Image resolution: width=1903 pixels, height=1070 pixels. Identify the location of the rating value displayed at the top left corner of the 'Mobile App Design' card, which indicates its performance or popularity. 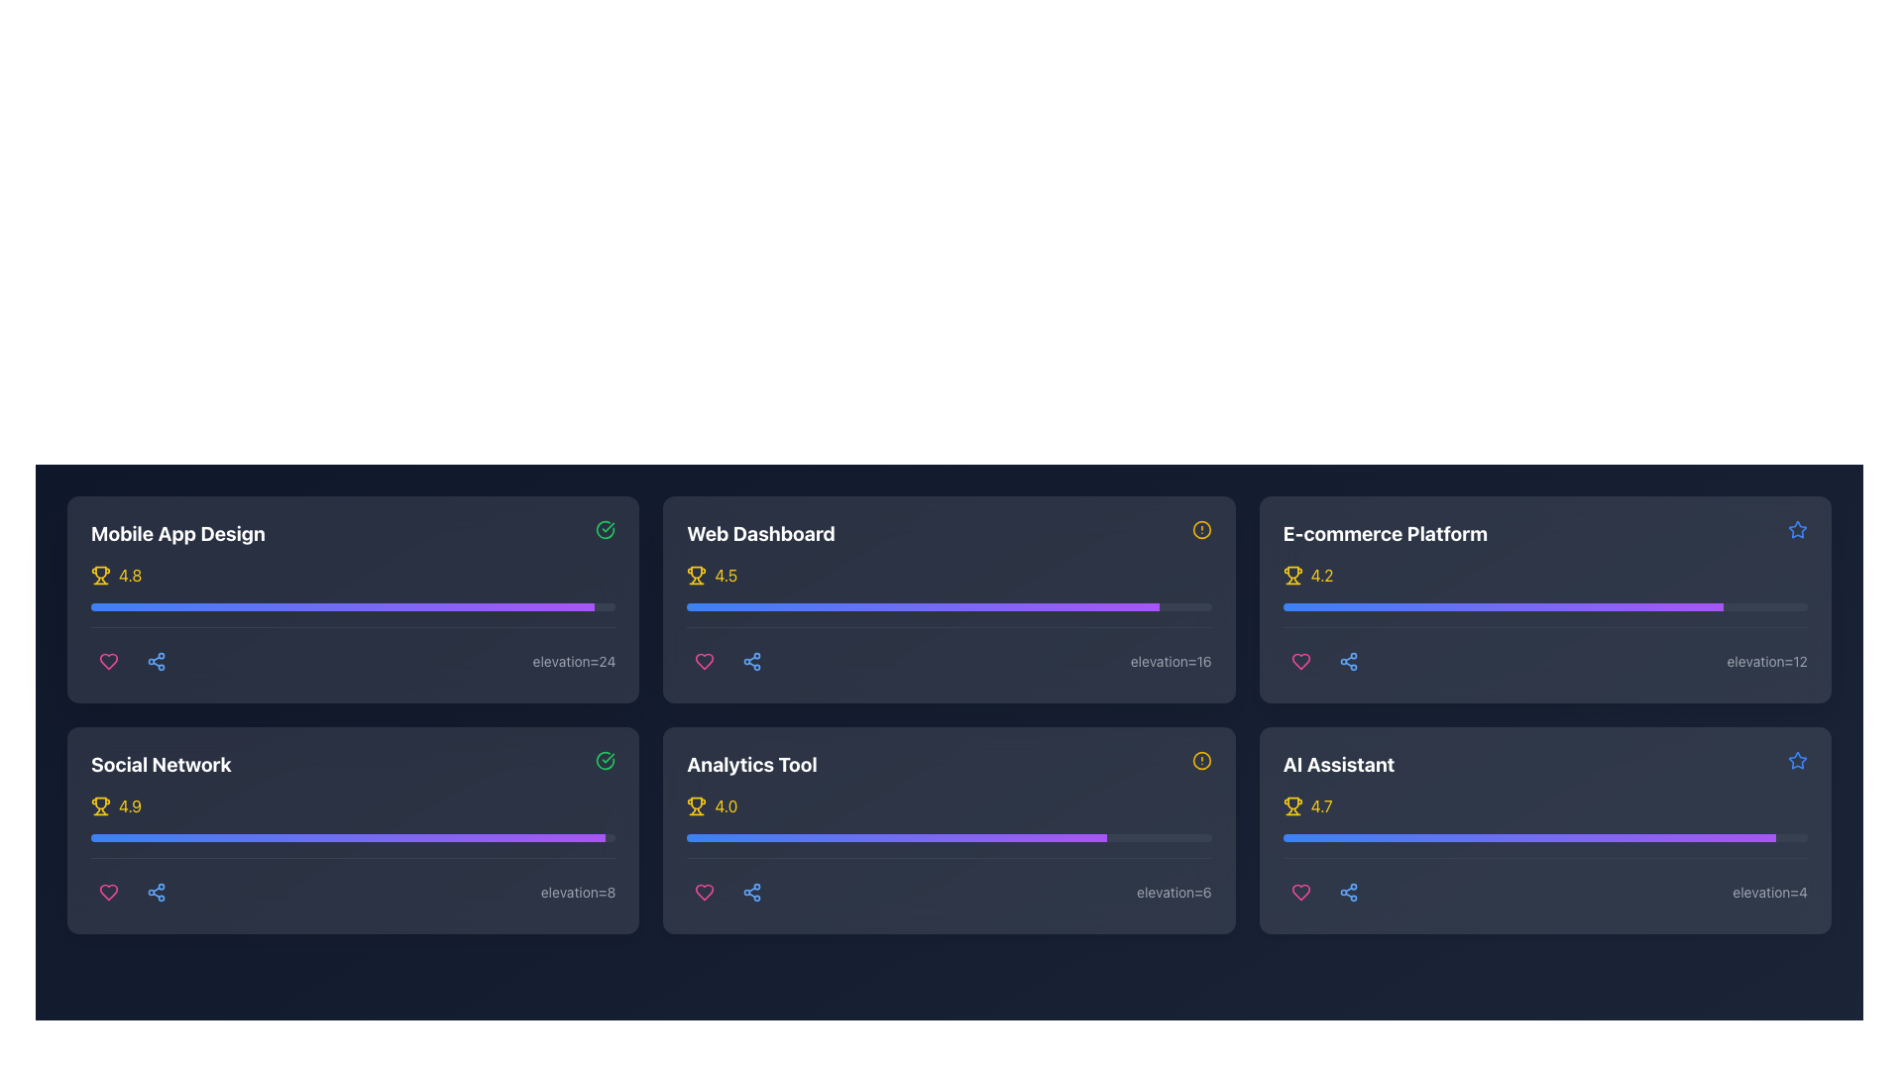
(353, 576).